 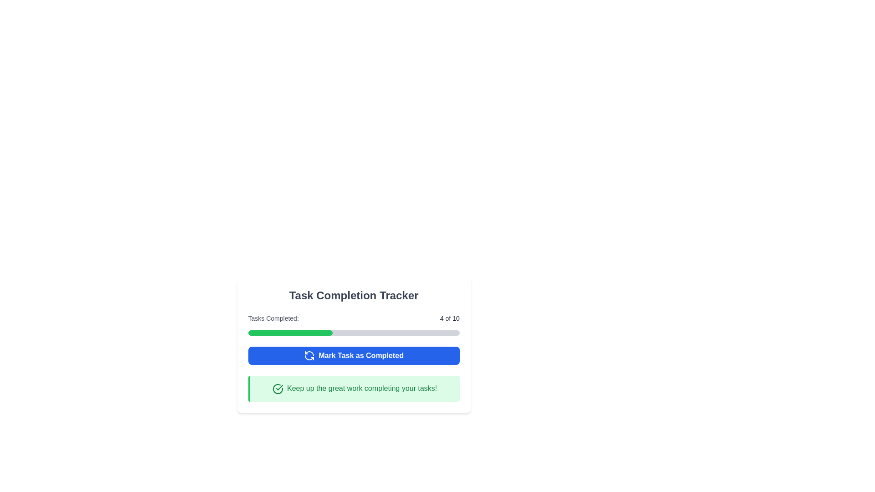 What do you see at coordinates (353, 333) in the screenshot?
I see `the progress bar located beneath the 'Tasks Completed: 4 of 10' label and above a blue button` at bounding box center [353, 333].